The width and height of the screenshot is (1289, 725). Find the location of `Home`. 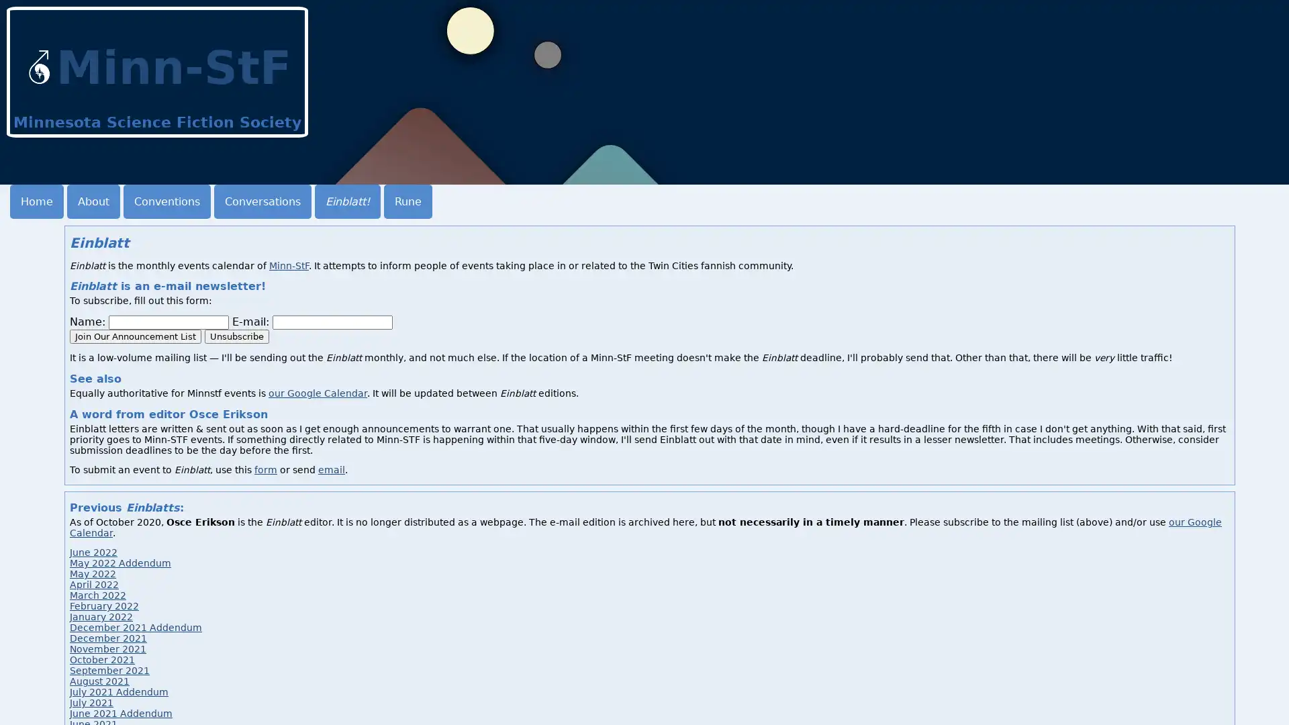

Home is located at coordinates (36, 201).